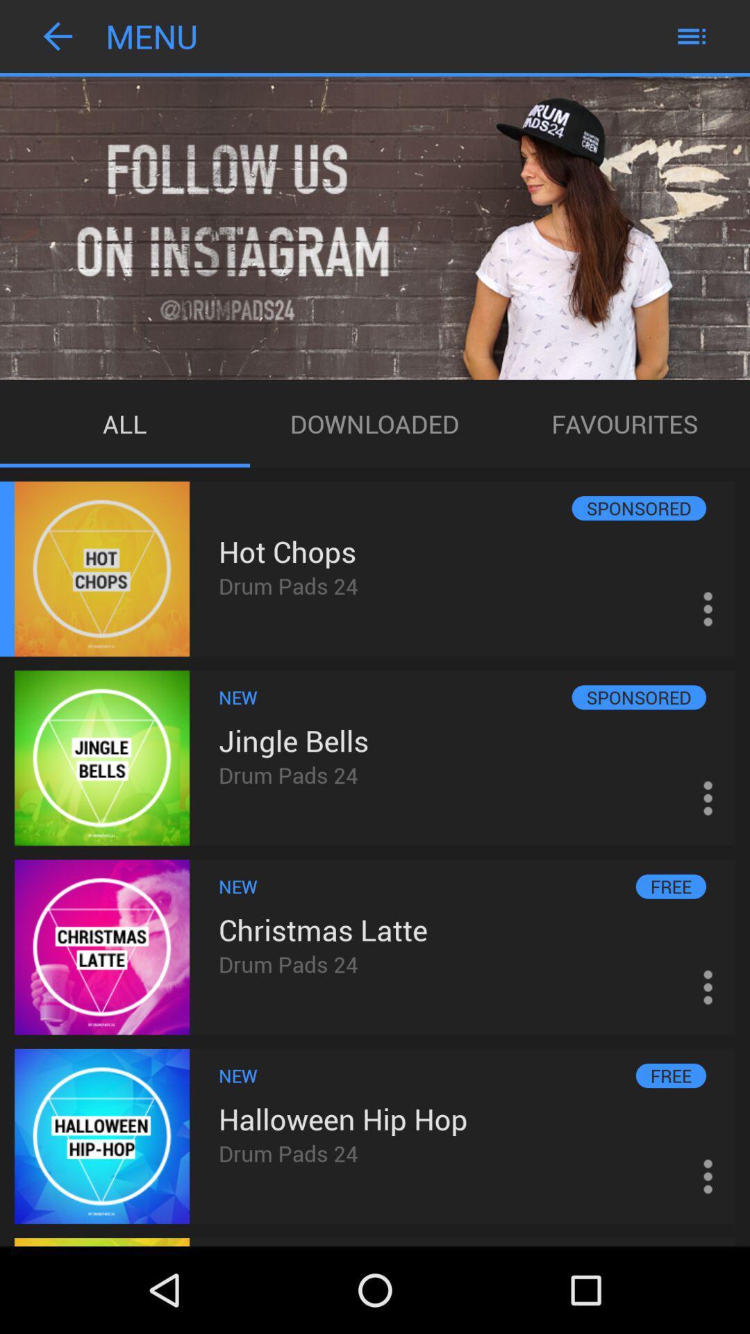  Describe the element at coordinates (708, 987) in the screenshot. I see `three dots in third line under favorites` at that location.